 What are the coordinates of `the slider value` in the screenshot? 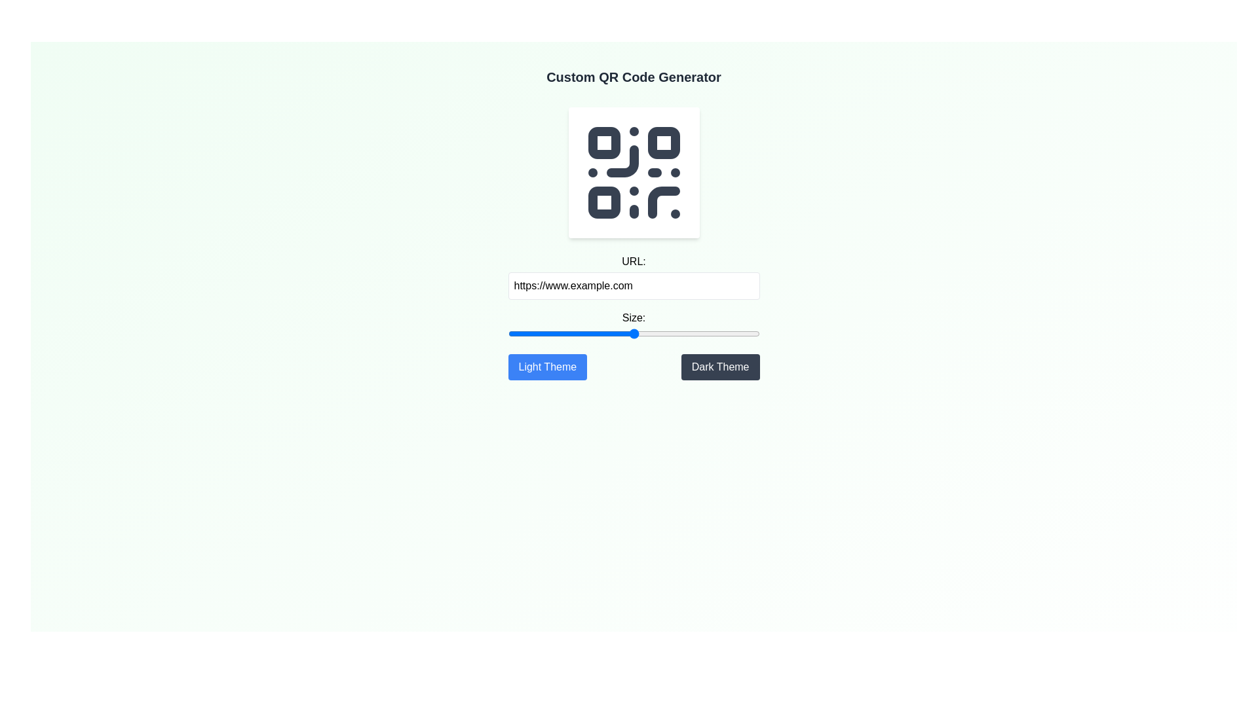 It's located at (514, 333).